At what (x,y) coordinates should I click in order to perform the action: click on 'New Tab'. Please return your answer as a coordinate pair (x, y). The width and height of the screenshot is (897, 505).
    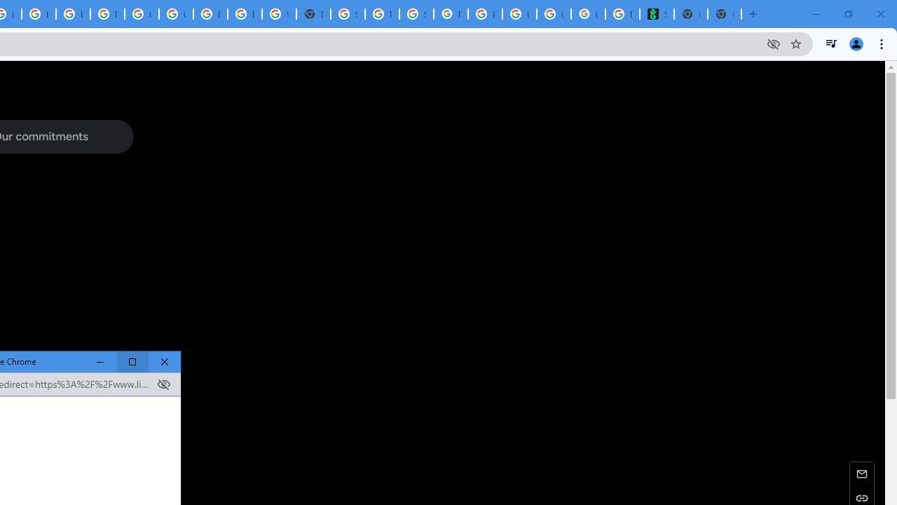
    Looking at the image, I should click on (725, 14).